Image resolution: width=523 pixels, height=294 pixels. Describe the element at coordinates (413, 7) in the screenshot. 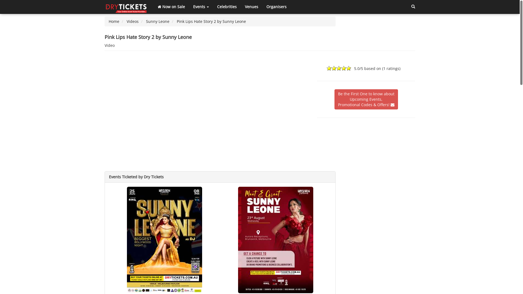

I see `'Search'` at that location.